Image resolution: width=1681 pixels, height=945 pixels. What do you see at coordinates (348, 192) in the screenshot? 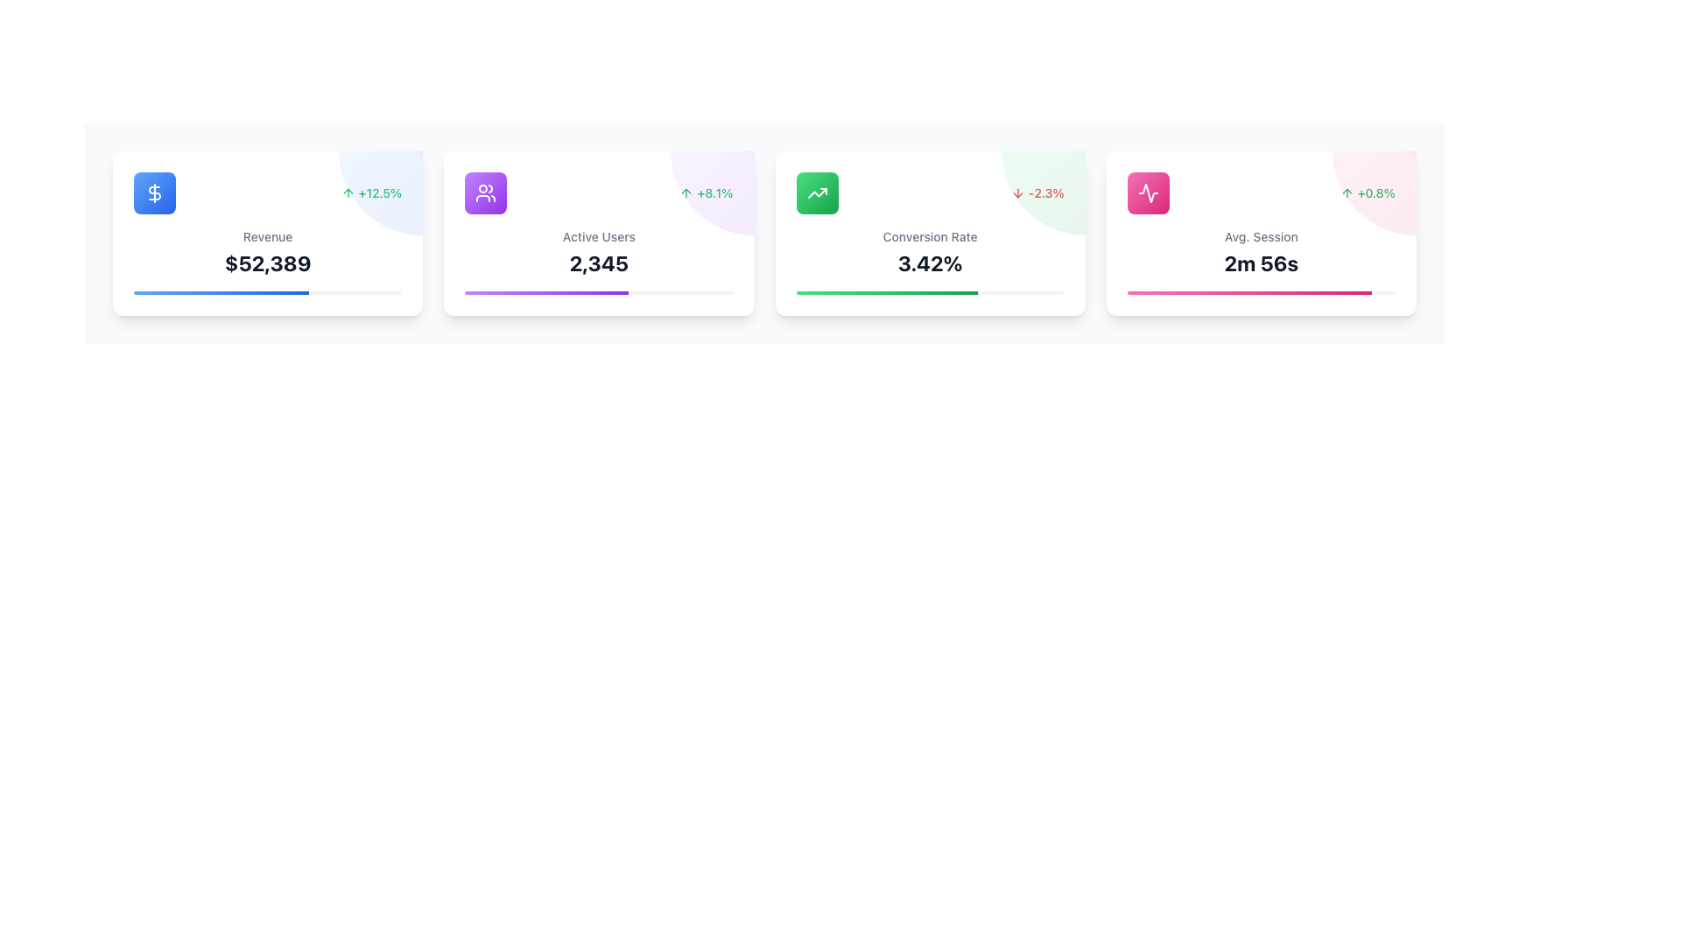
I see `the green upward arrow icon located to the left of the '+12.5%' text in the top-right corner of the 'Revenue' card on the dashboard interface` at bounding box center [348, 192].